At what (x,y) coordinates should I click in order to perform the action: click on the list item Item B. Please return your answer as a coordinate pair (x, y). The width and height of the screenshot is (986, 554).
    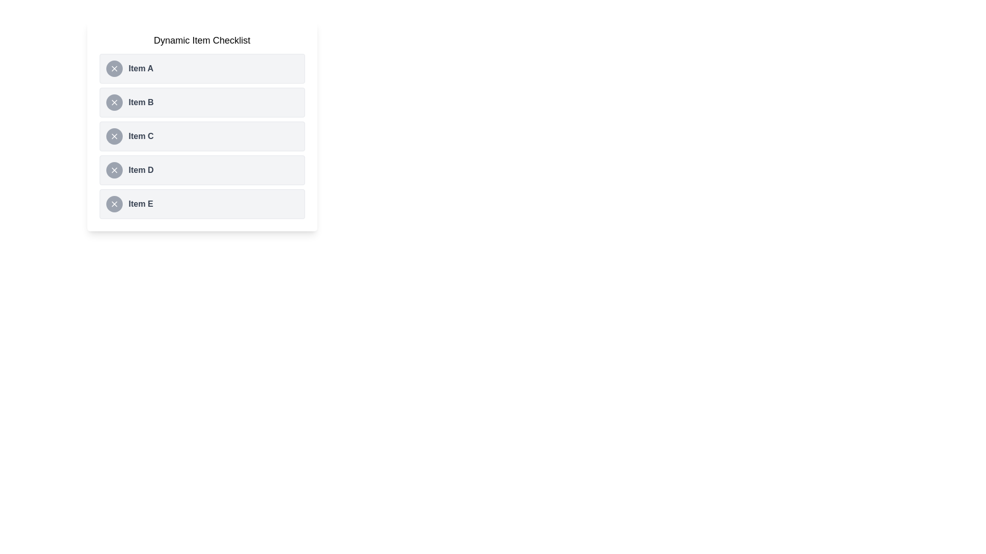
    Looking at the image, I should click on (202, 103).